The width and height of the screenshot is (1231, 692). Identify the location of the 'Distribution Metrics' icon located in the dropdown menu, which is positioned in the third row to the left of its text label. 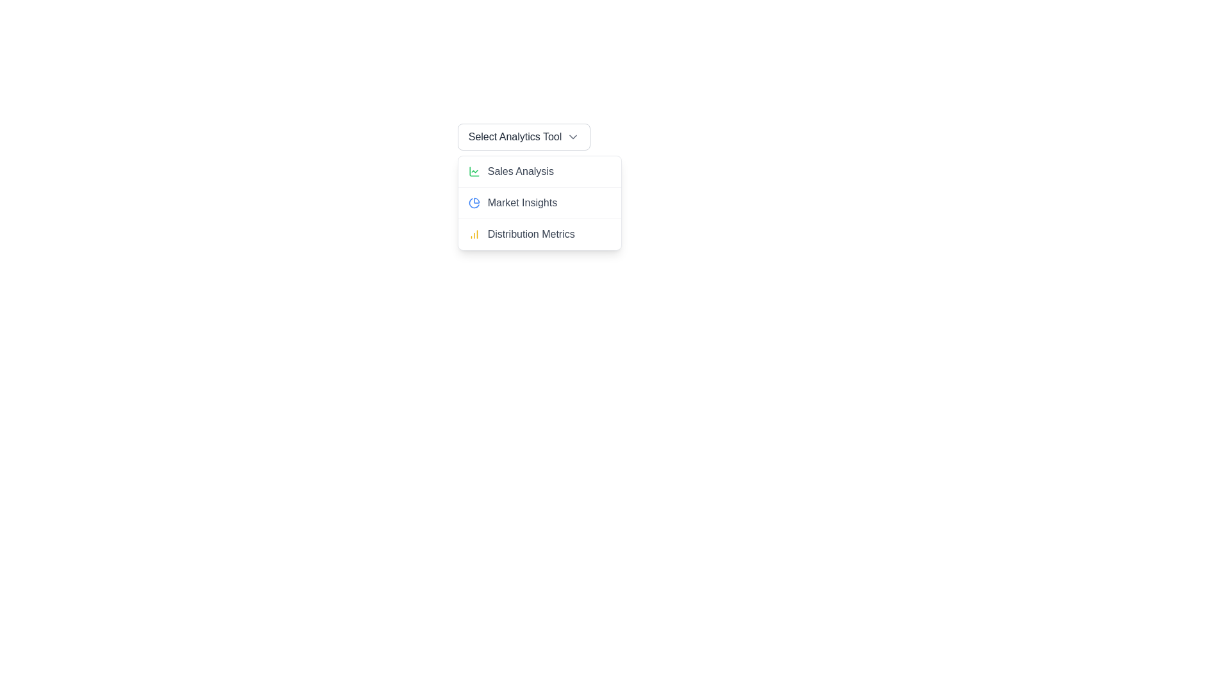
(473, 235).